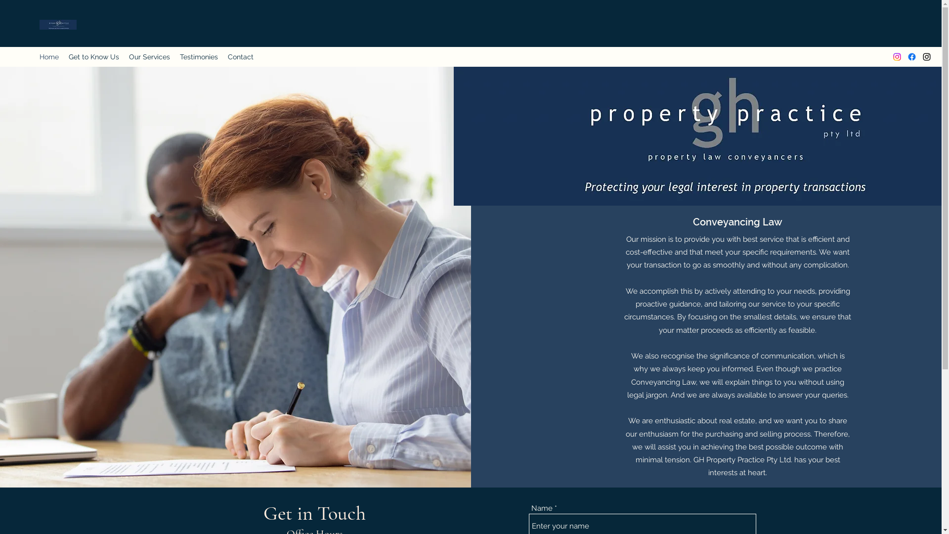 This screenshot has width=949, height=534. Describe the element at coordinates (149, 57) in the screenshot. I see `'Our Services'` at that location.